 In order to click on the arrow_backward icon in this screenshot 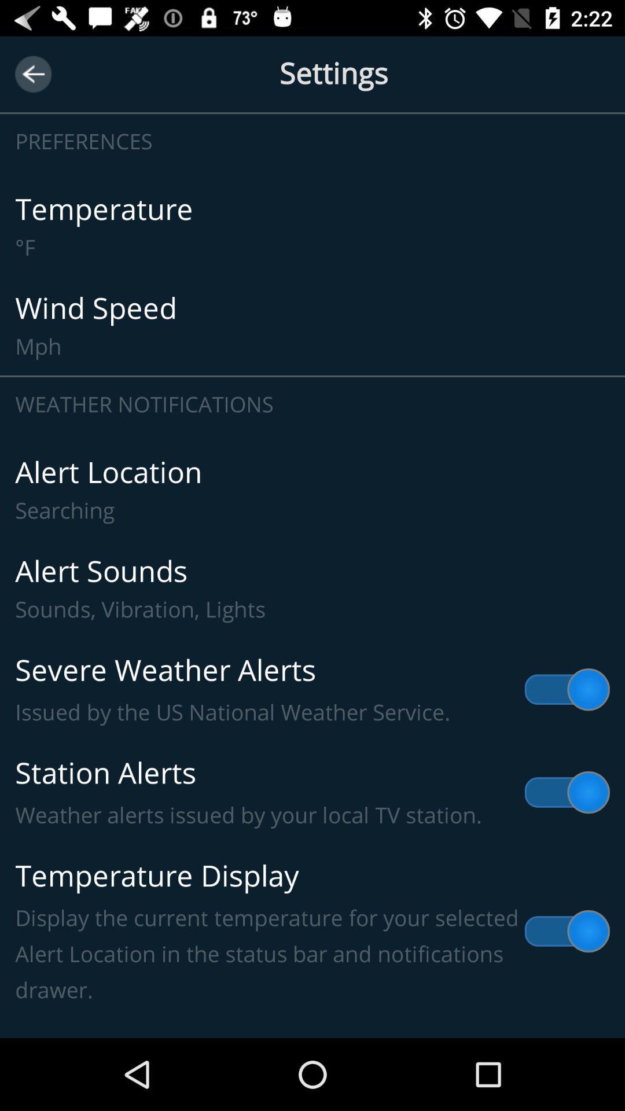, I will do `click(32, 73)`.